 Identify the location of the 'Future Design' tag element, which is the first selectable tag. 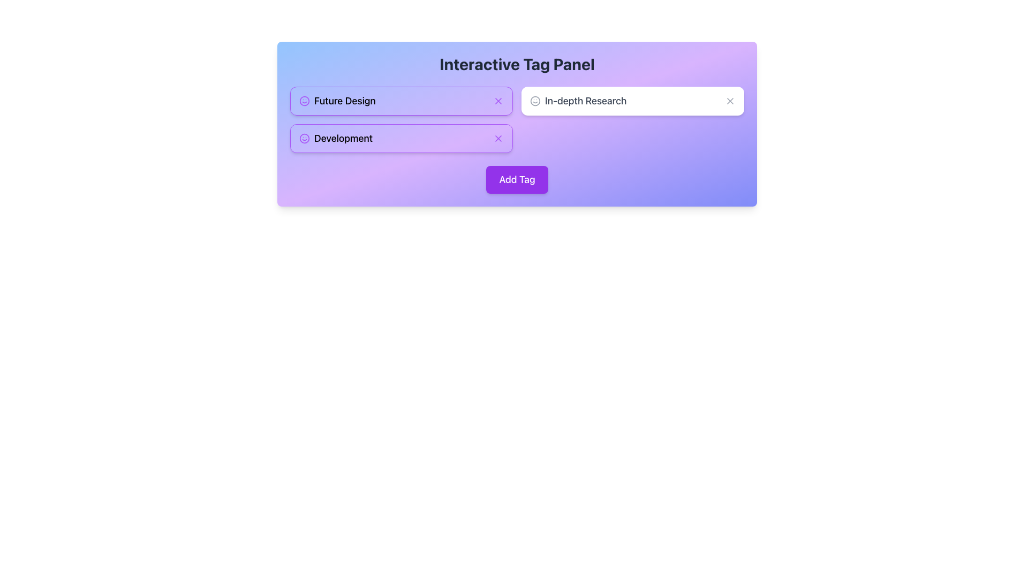
(337, 101).